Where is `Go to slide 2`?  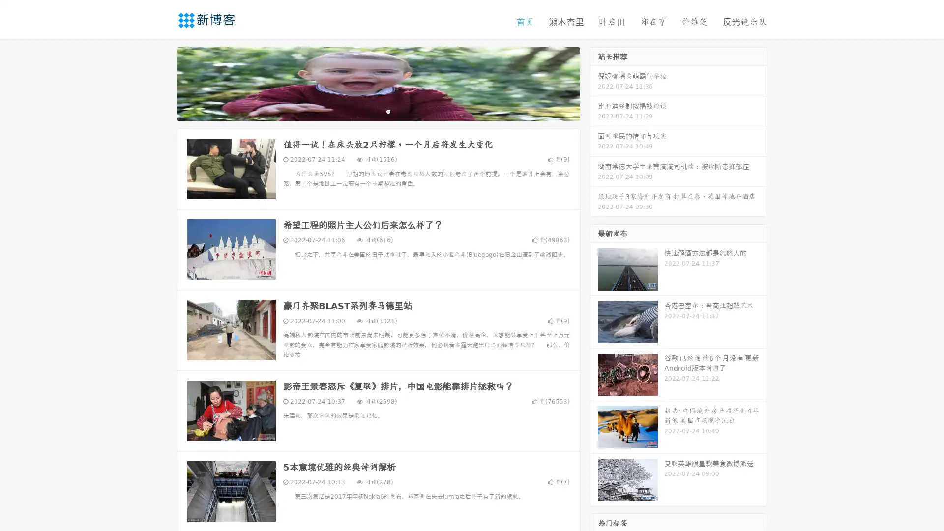 Go to slide 2 is located at coordinates (378, 111).